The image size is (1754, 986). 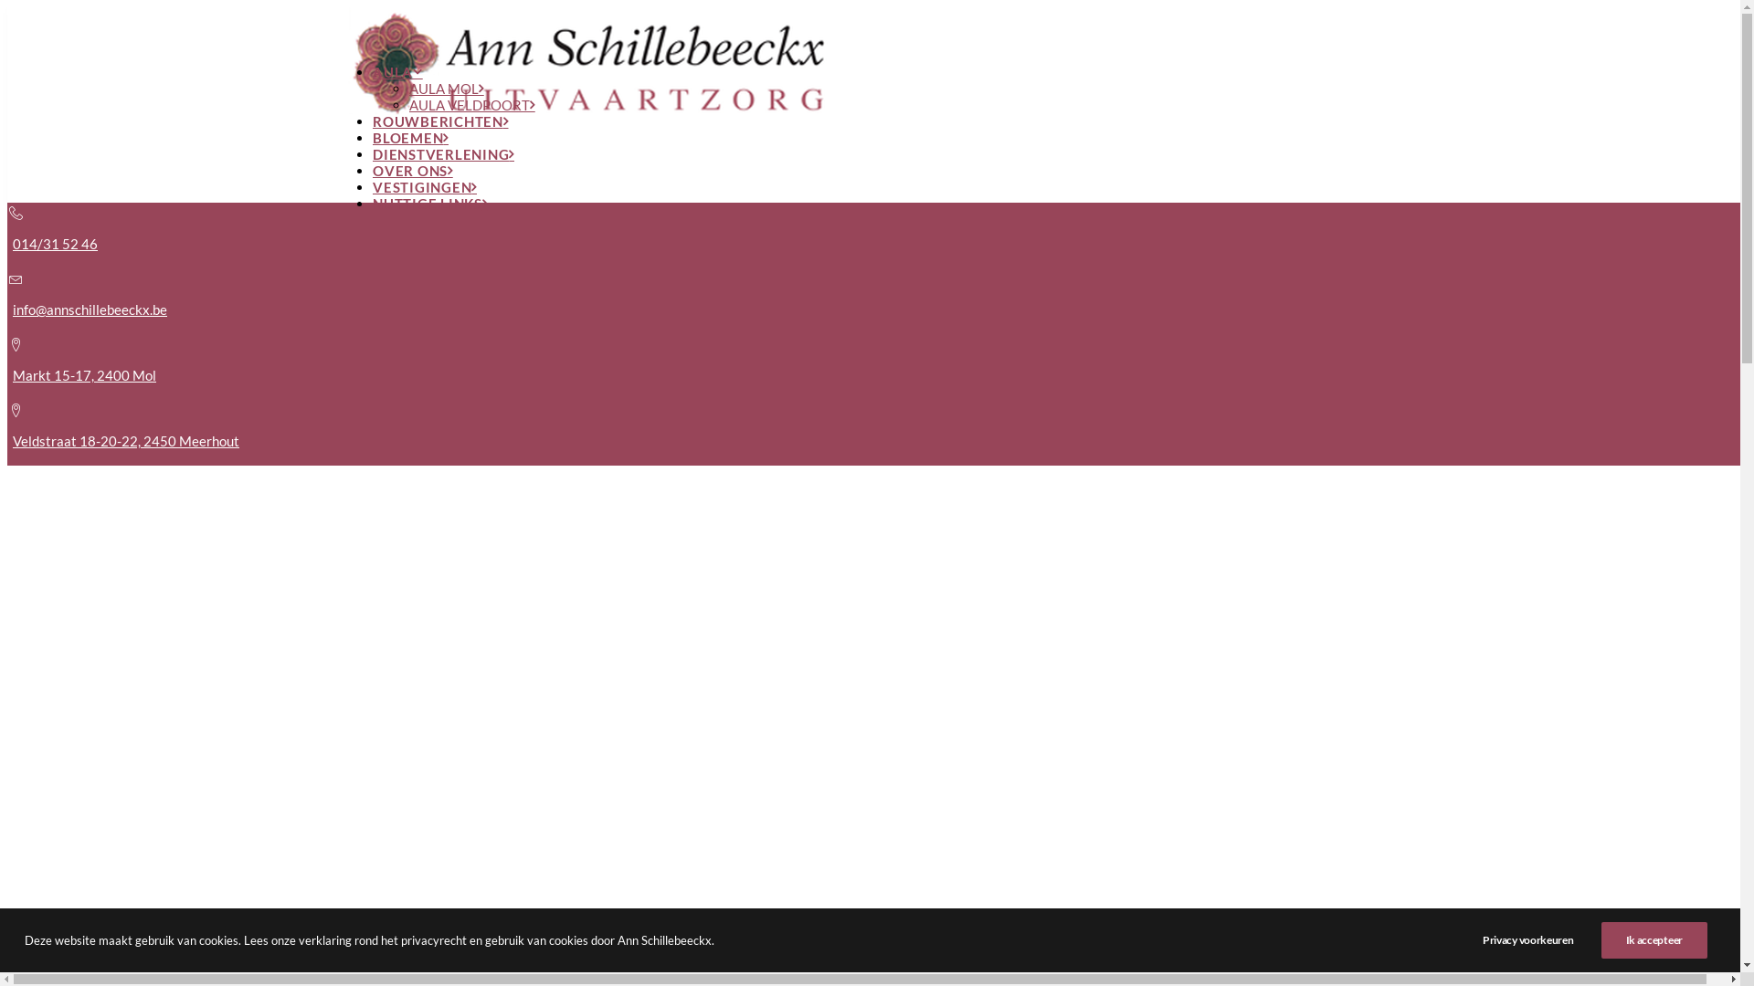 I want to click on 'NUTTIGE LINKS', so click(x=372, y=204).